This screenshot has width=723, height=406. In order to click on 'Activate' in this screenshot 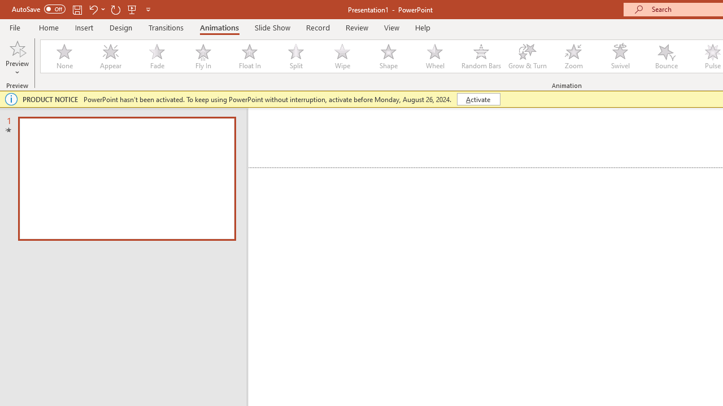, I will do `click(478, 99)`.